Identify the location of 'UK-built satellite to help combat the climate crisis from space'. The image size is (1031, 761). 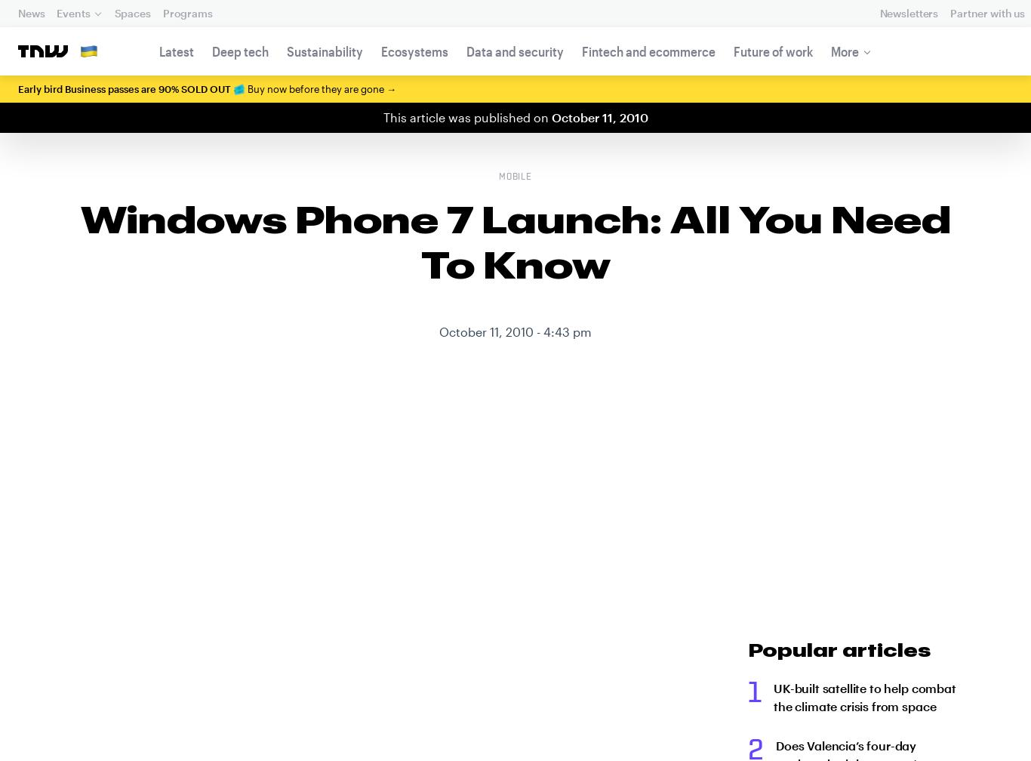
(773, 697).